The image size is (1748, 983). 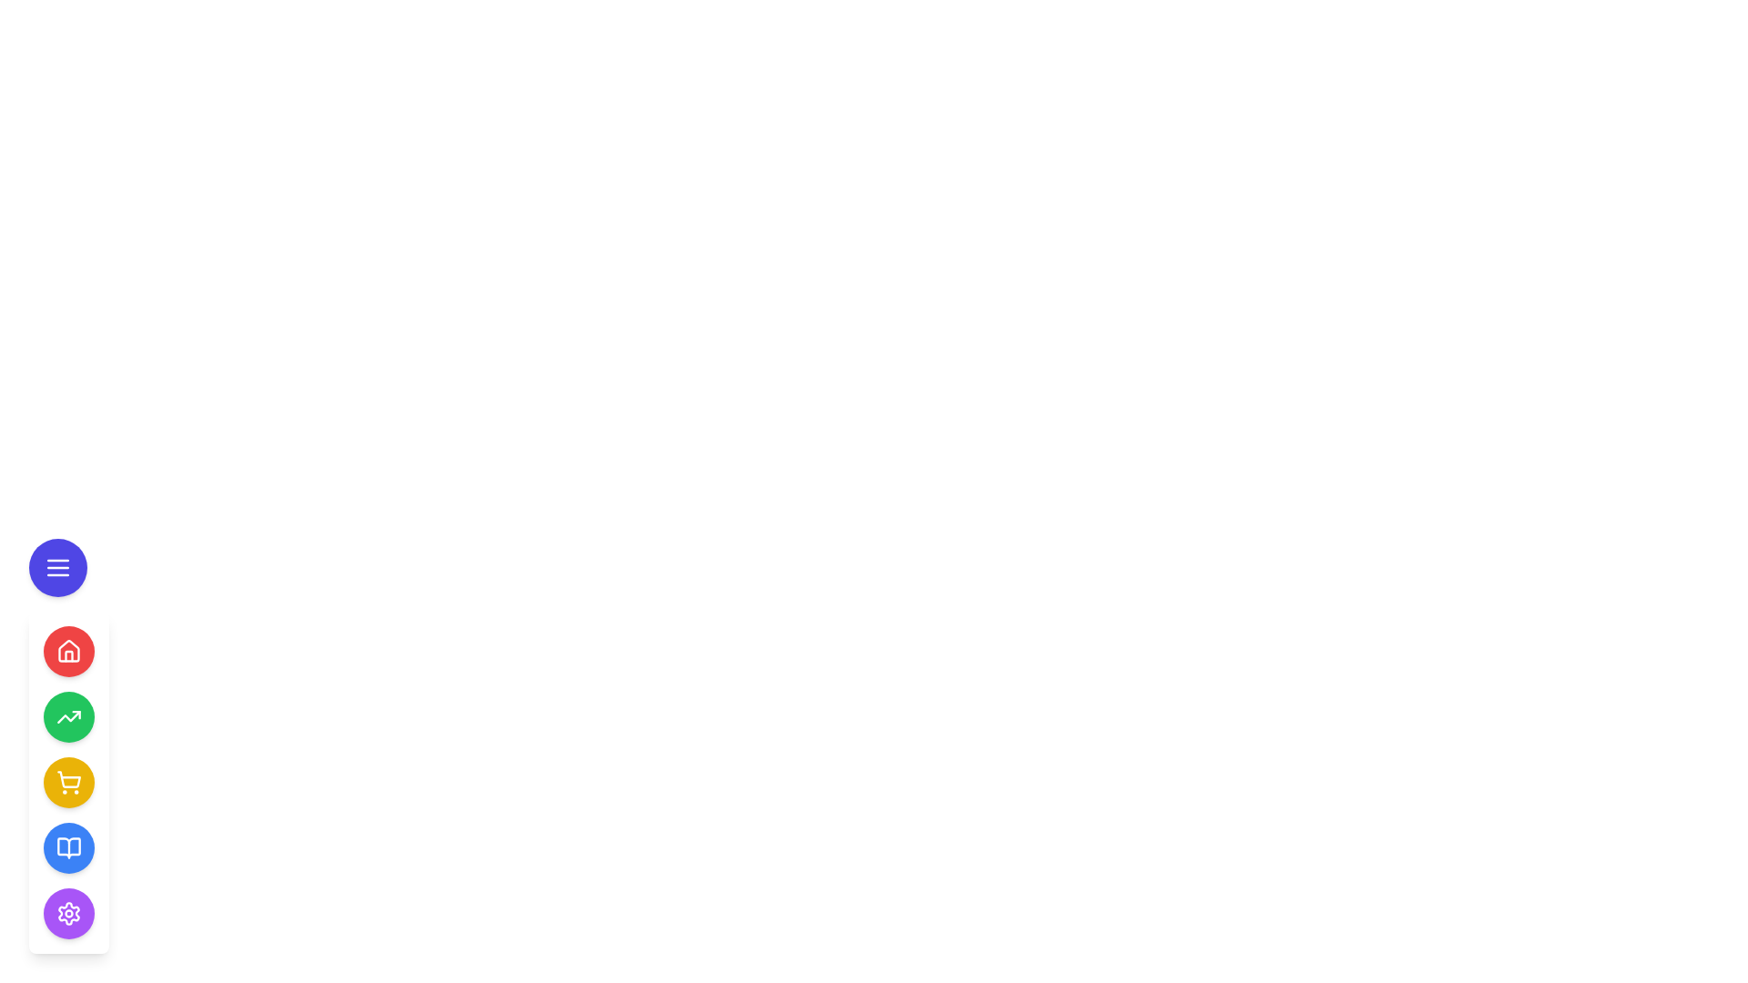 What do you see at coordinates (69, 848) in the screenshot?
I see `the open book icon button located in the vertical navigation bar` at bounding box center [69, 848].